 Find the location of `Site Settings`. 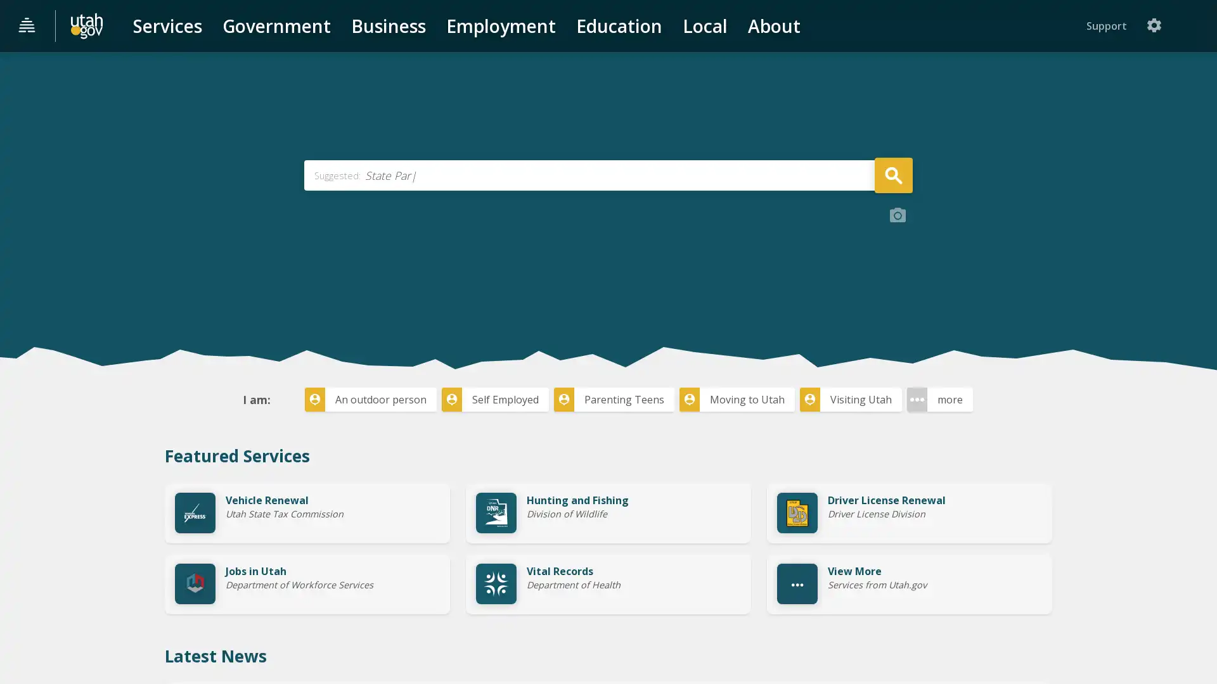

Site Settings is located at coordinates (1194, 25).